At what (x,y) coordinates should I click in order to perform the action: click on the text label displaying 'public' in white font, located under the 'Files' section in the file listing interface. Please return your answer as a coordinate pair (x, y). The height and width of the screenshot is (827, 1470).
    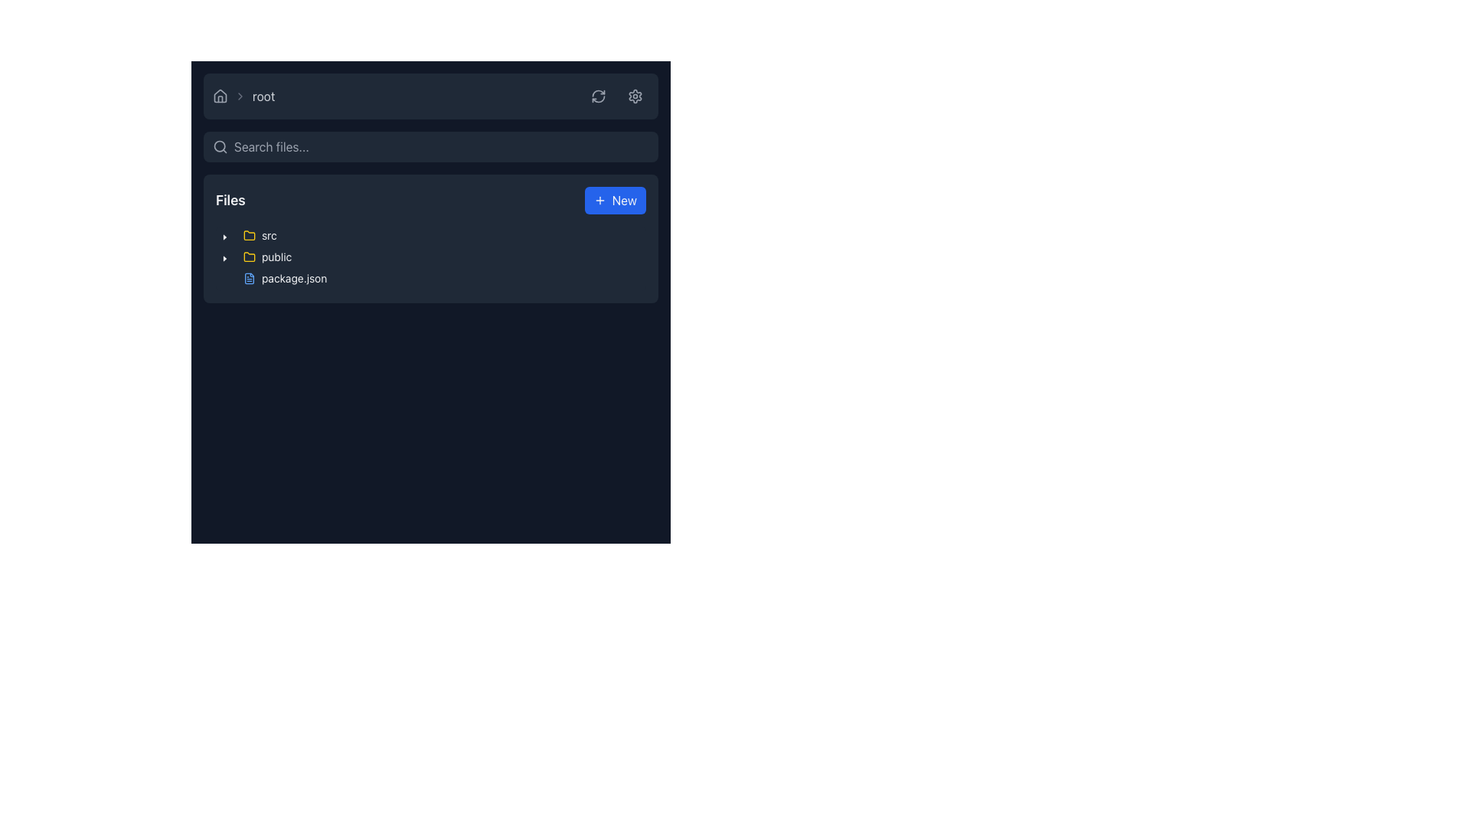
    Looking at the image, I should click on (276, 256).